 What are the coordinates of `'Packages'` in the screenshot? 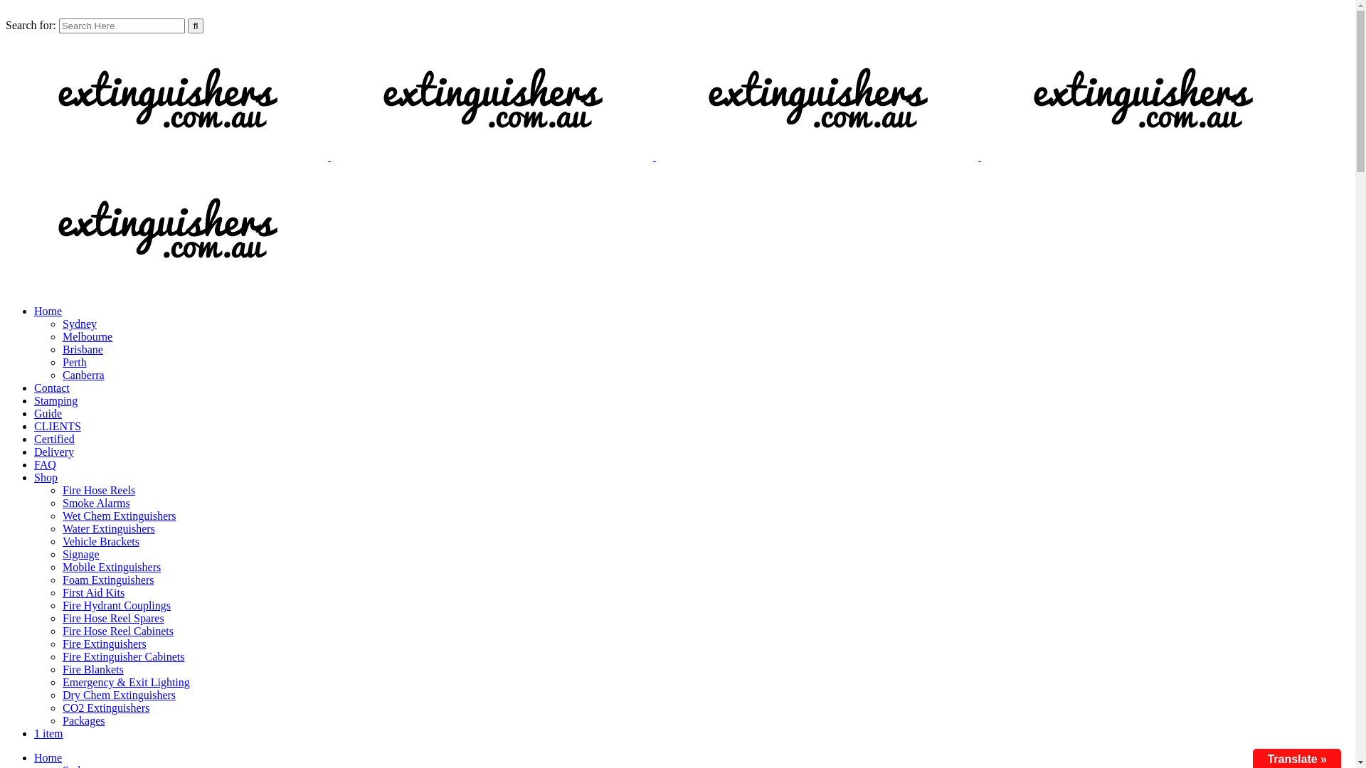 It's located at (83, 720).